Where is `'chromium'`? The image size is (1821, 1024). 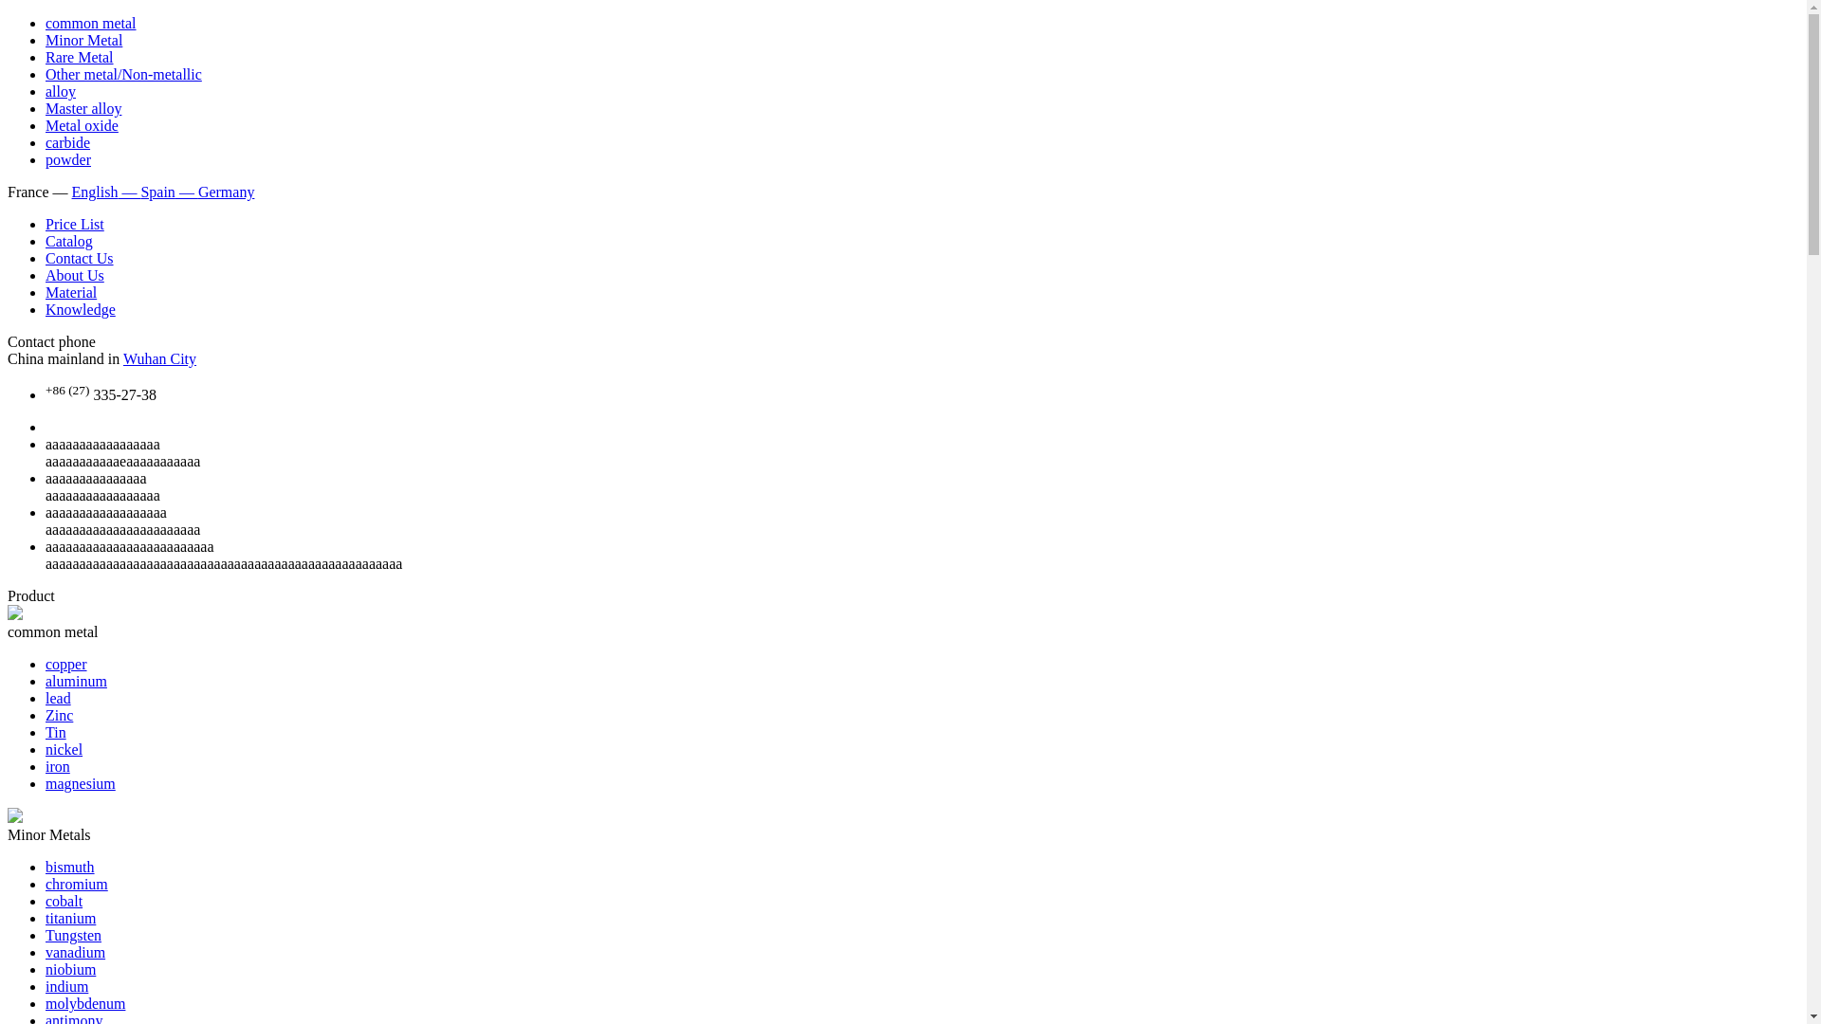 'chromium' is located at coordinates (76, 884).